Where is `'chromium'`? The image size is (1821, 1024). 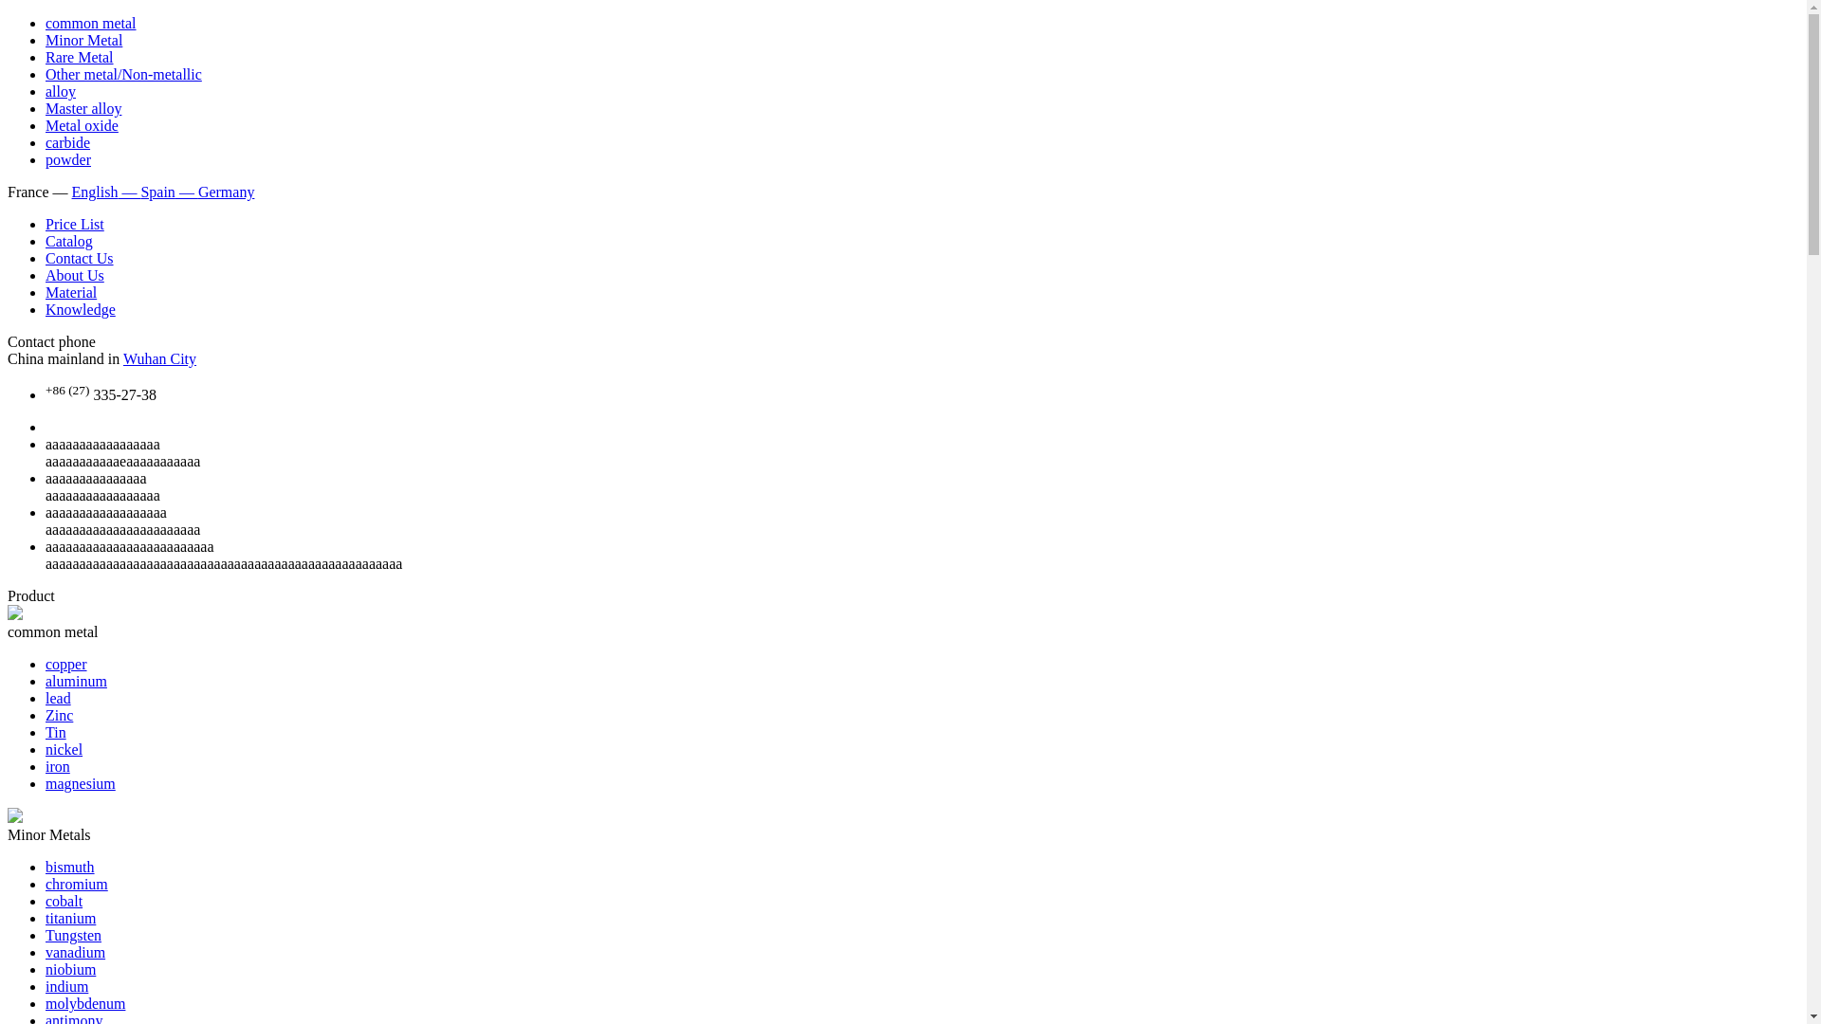 'chromium' is located at coordinates (76, 884).